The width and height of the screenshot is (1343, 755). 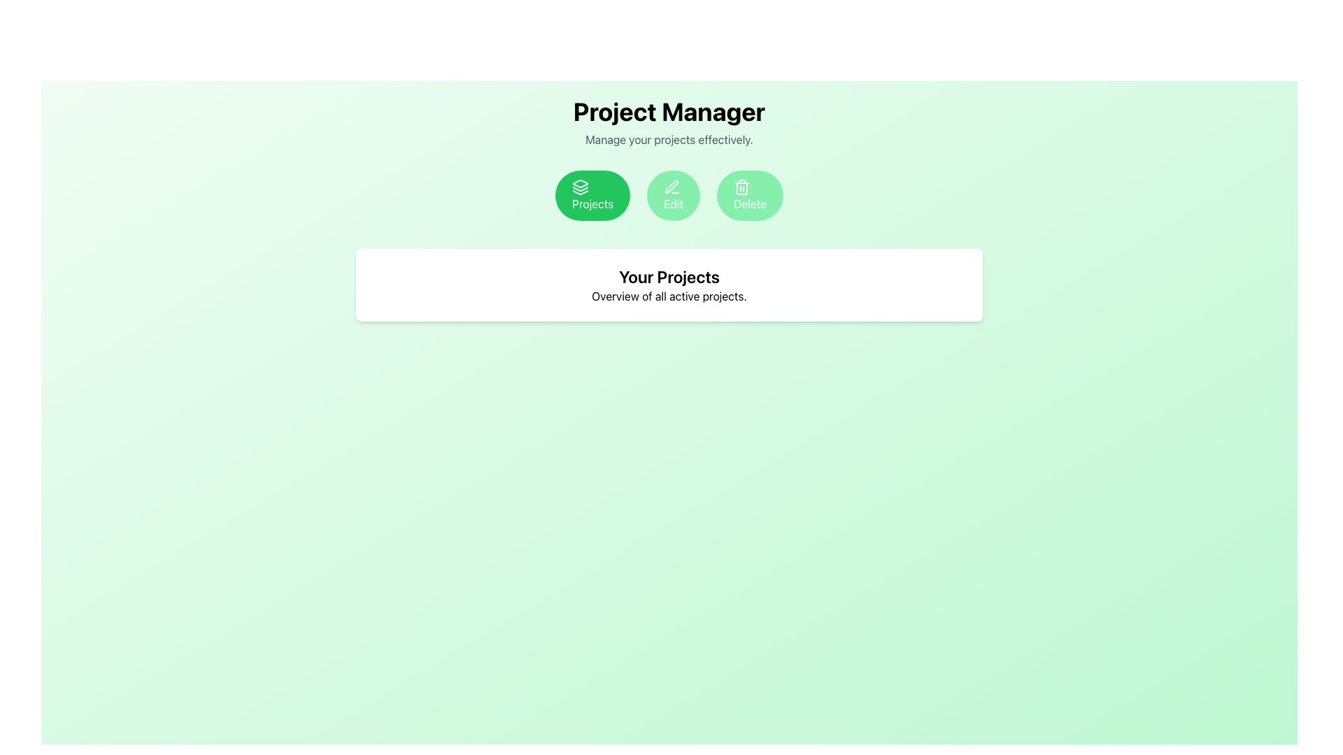 What do you see at coordinates (668, 296) in the screenshot?
I see `the informational Text label located beneath the 'Your Projects' heading` at bounding box center [668, 296].